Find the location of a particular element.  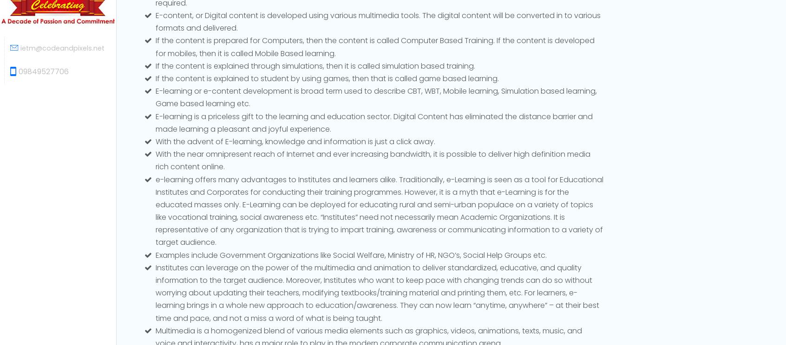

'If the content is explained to student by using games, then that is called game based learning.' is located at coordinates (327, 78).